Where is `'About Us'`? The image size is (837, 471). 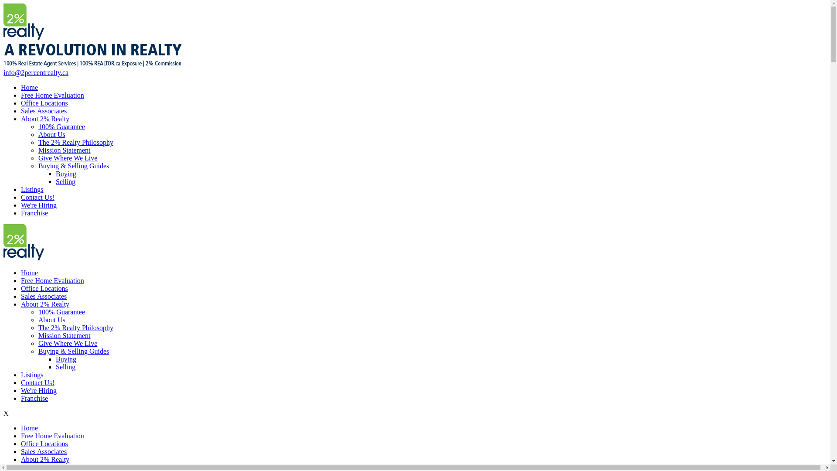
'About Us' is located at coordinates (51, 134).